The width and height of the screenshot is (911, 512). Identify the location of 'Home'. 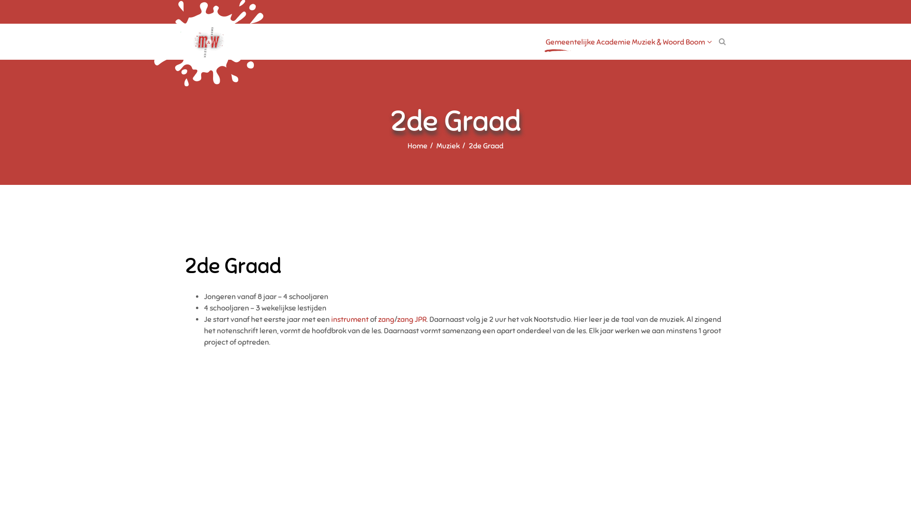
(417, 146).